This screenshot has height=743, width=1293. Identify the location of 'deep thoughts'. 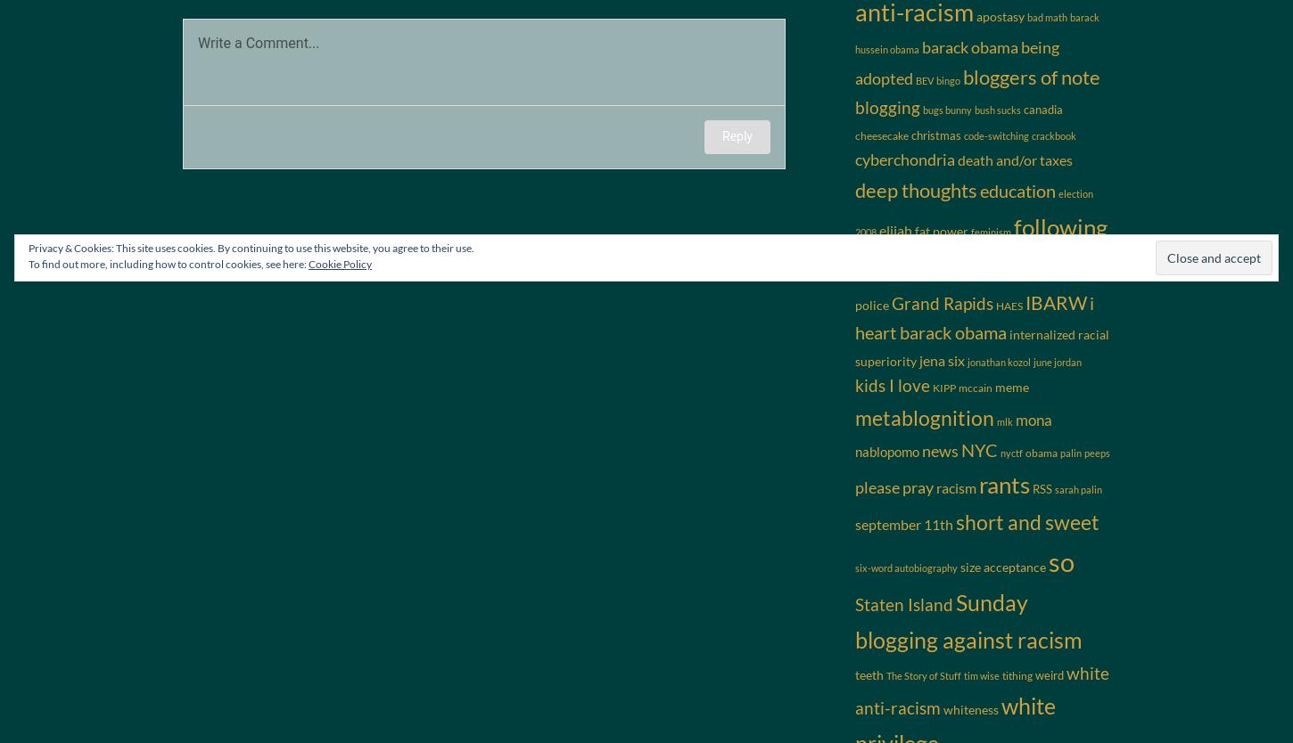
(854, 188).